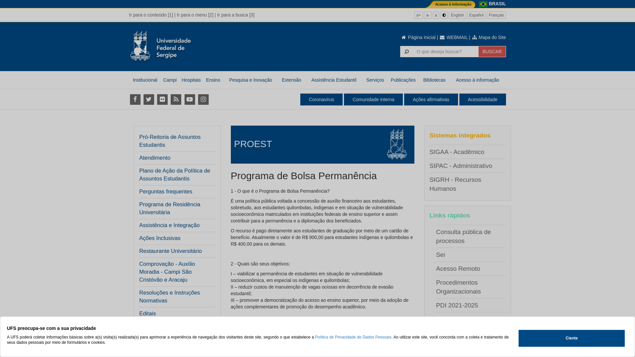 This screenshot has width=635, height=357. What do you see at coordinates (418, 15) in the screenshot?
I see `'a+'` at bounding box center [418, 15].